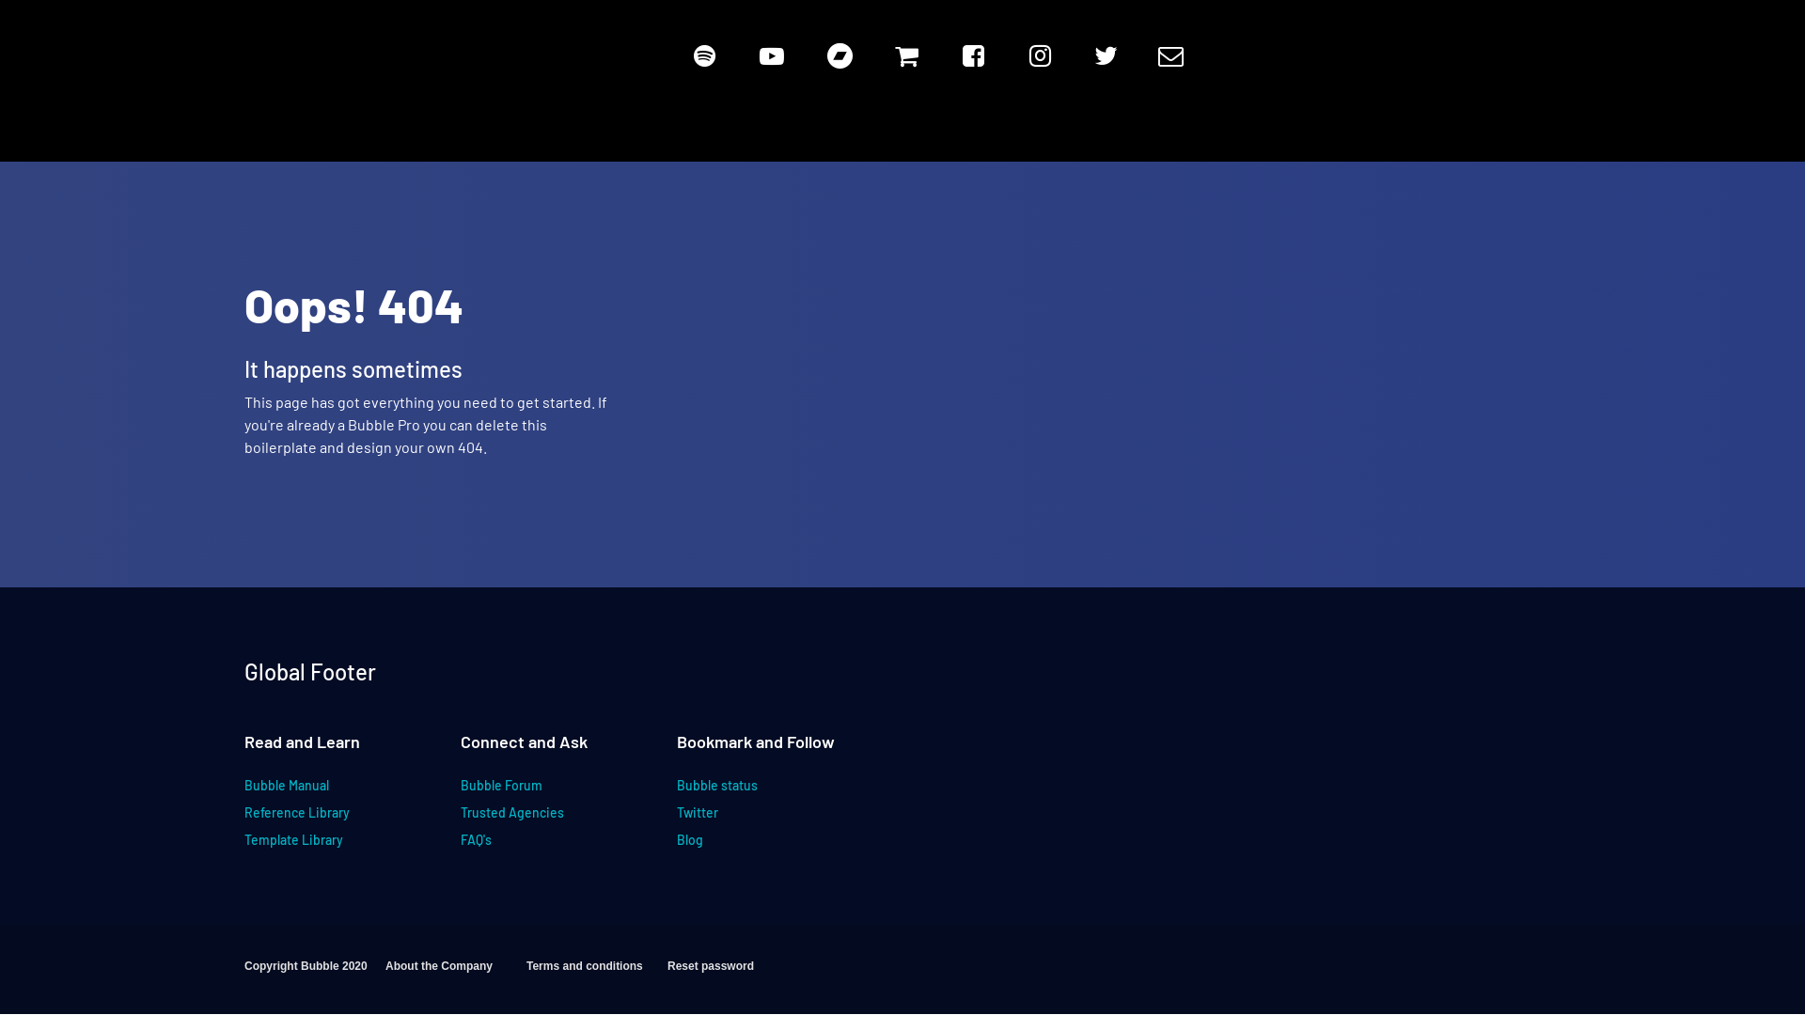  What do you see at coordinates (737, 973) in the screenshot?
I see `'Reset password'` at bounding box center [737, 973].